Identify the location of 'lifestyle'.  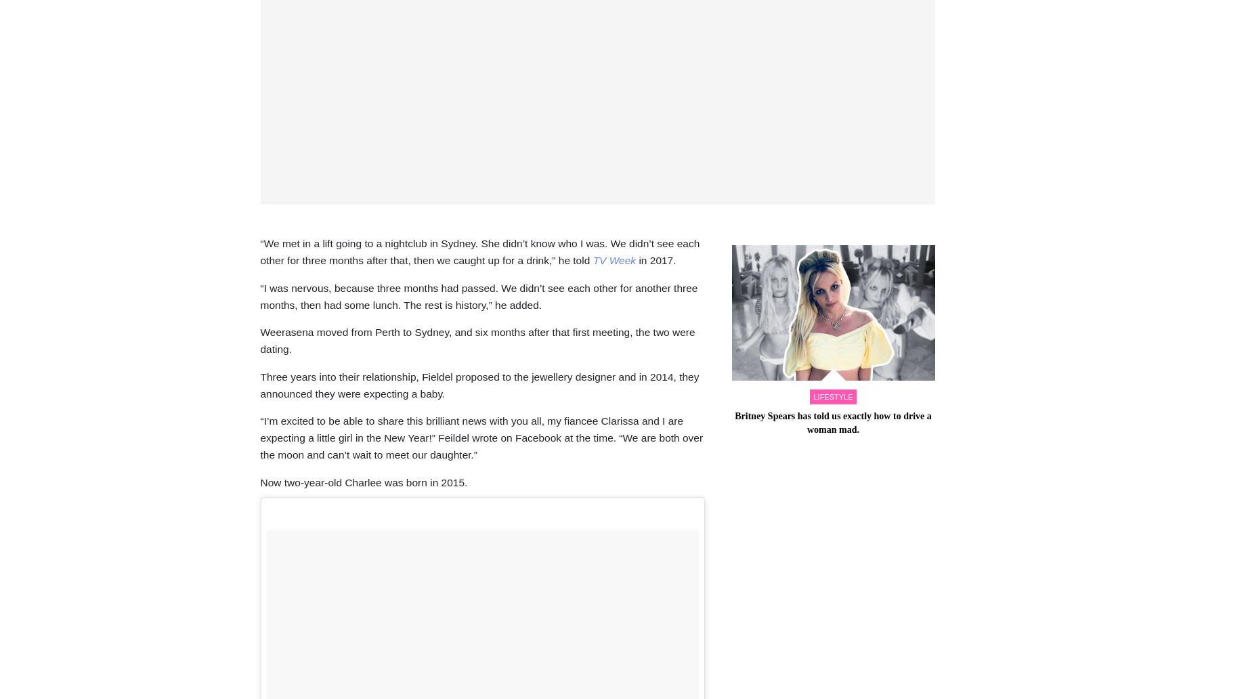
(833, 396).